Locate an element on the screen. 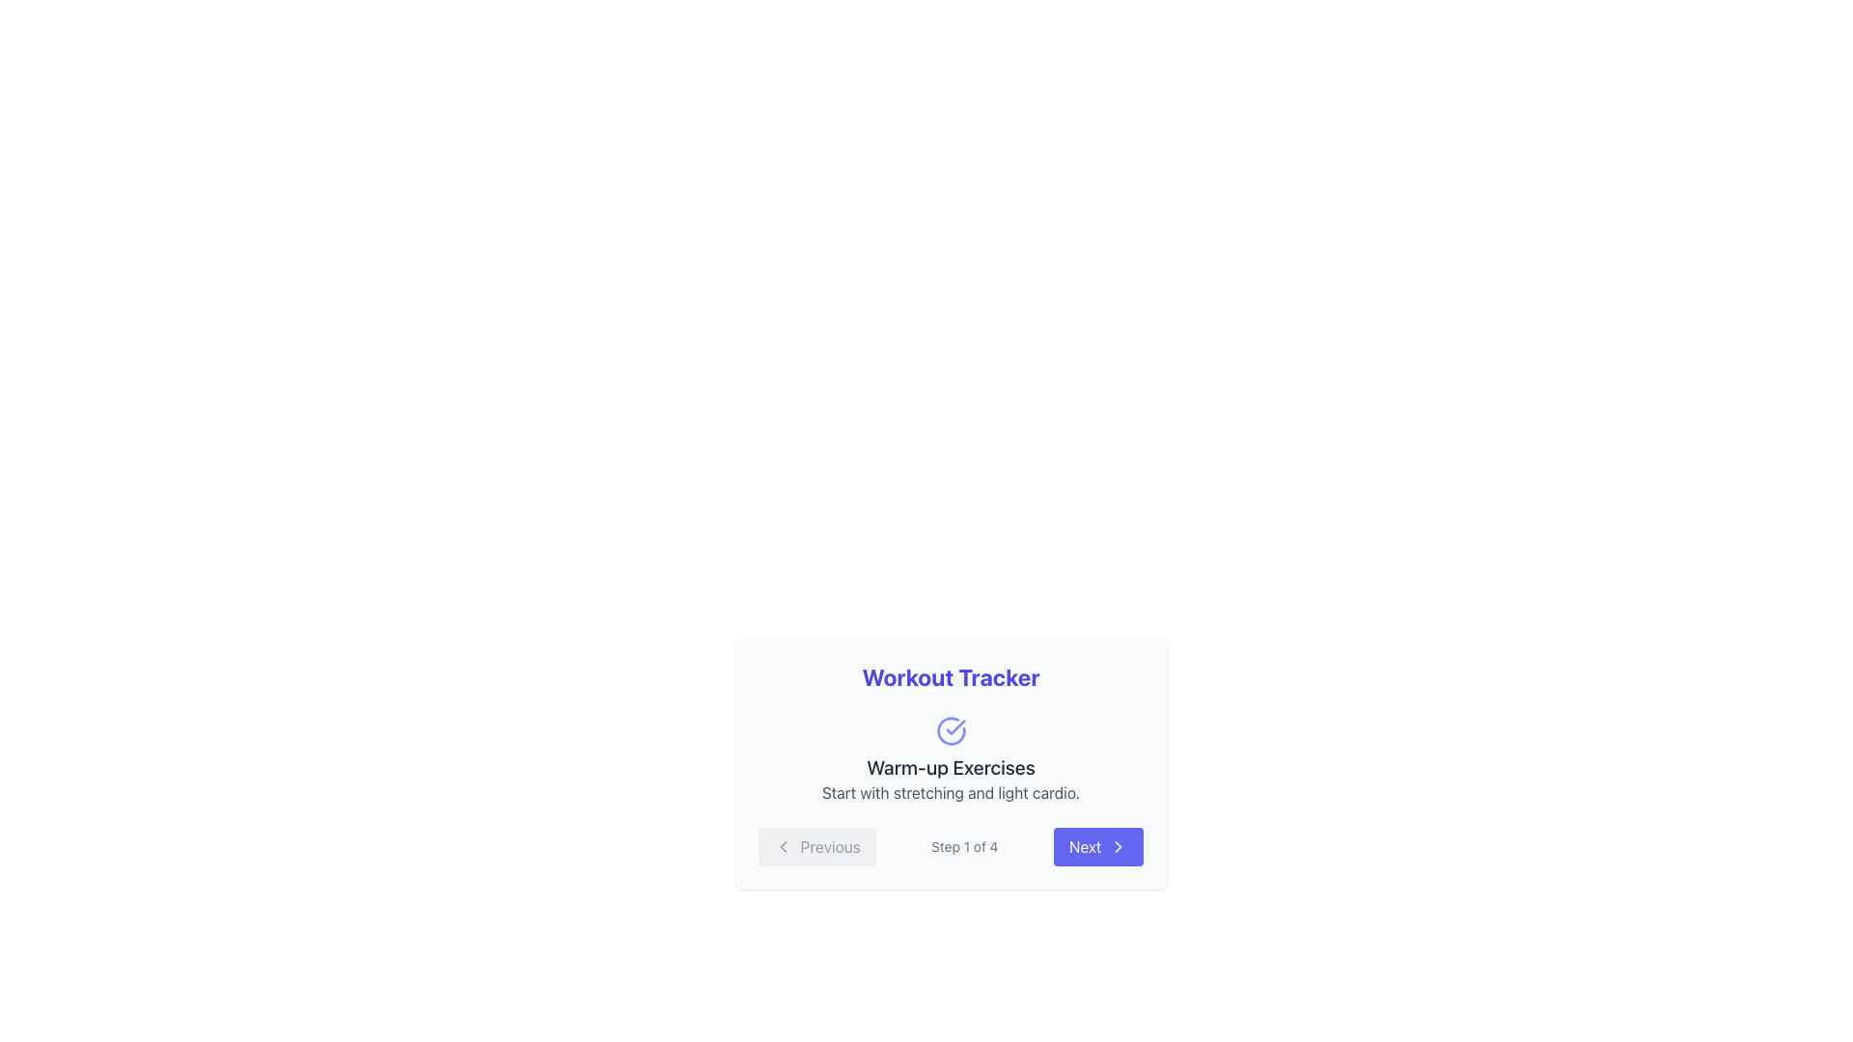  the navigation button located at the bottom right of the interface, following the 'Step 1 of 4' text and to the left of the 'Previous' button is located at coordinates (1098, 846).